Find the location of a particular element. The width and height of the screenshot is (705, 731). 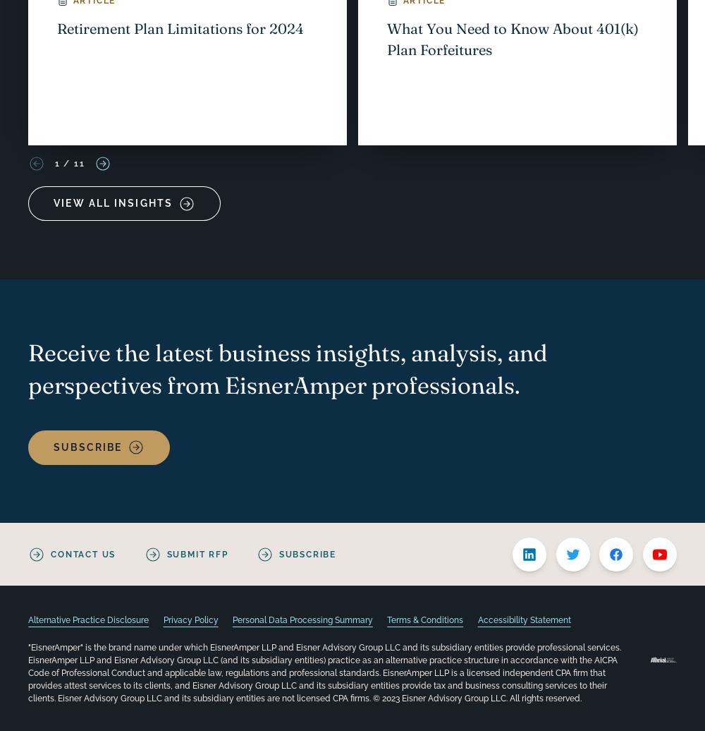

'View All Insights' is located at coordinates (53, 202).